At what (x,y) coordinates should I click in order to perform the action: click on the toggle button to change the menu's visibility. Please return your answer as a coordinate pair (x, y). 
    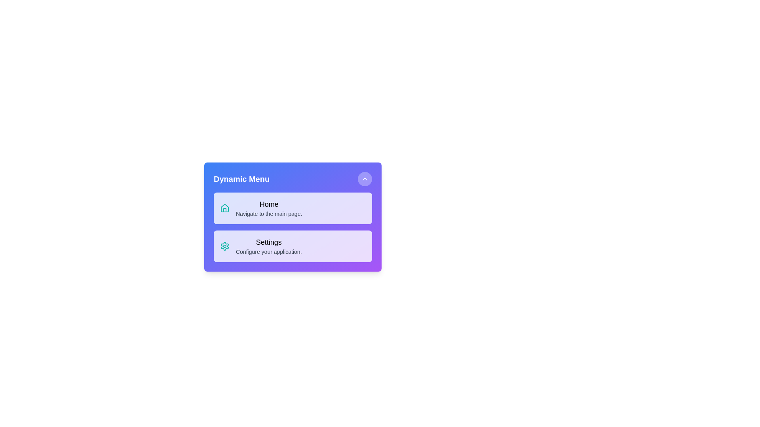
    Looking at the image, I should click on (364, 179).